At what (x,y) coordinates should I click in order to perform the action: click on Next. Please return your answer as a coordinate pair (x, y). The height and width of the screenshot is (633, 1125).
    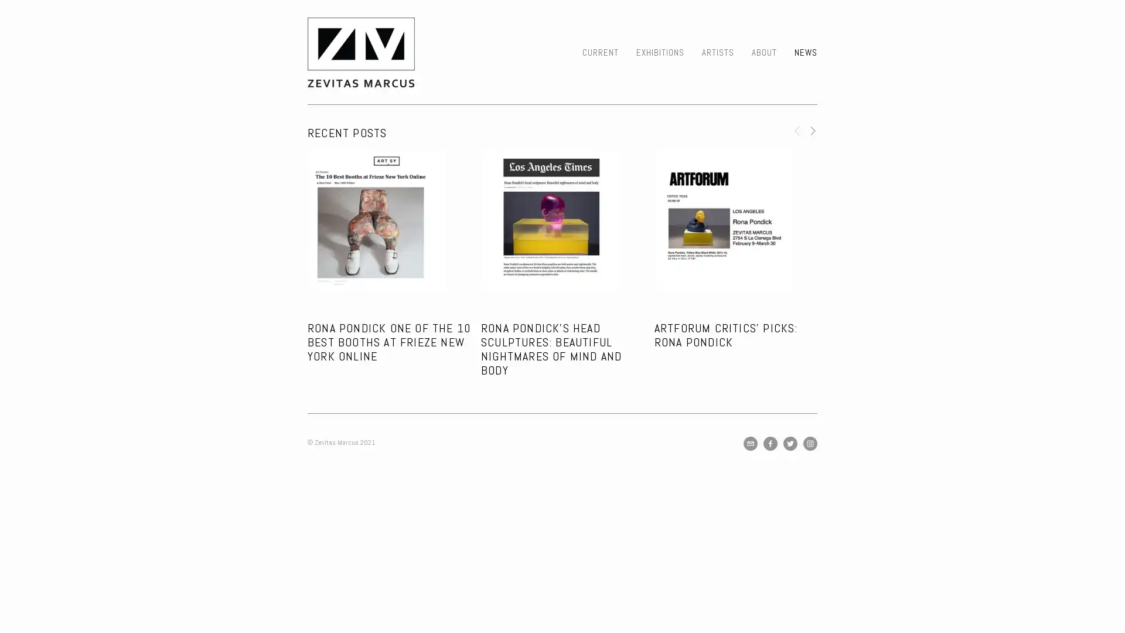
    Looking at the image, I should click on (812, 130).